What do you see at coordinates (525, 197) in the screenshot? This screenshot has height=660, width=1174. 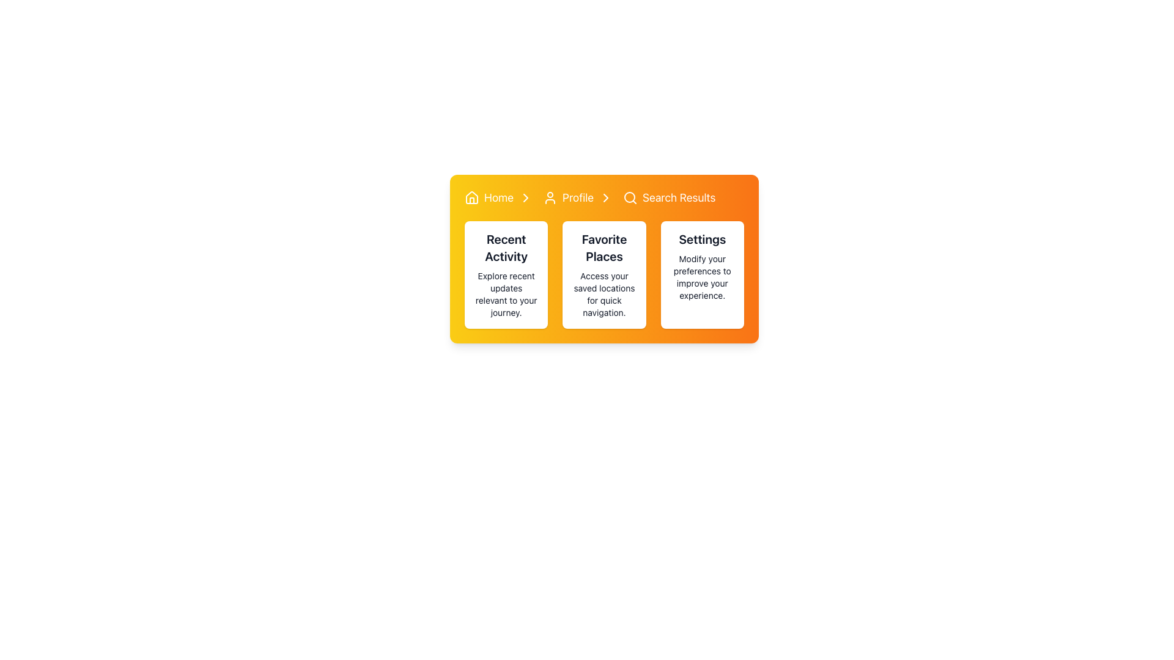 I see `the Chevron Icon in the breadcrumb navigation bar, which separates the 'Profile' and 'Search Results' sections` at bounding box center [525, 197].